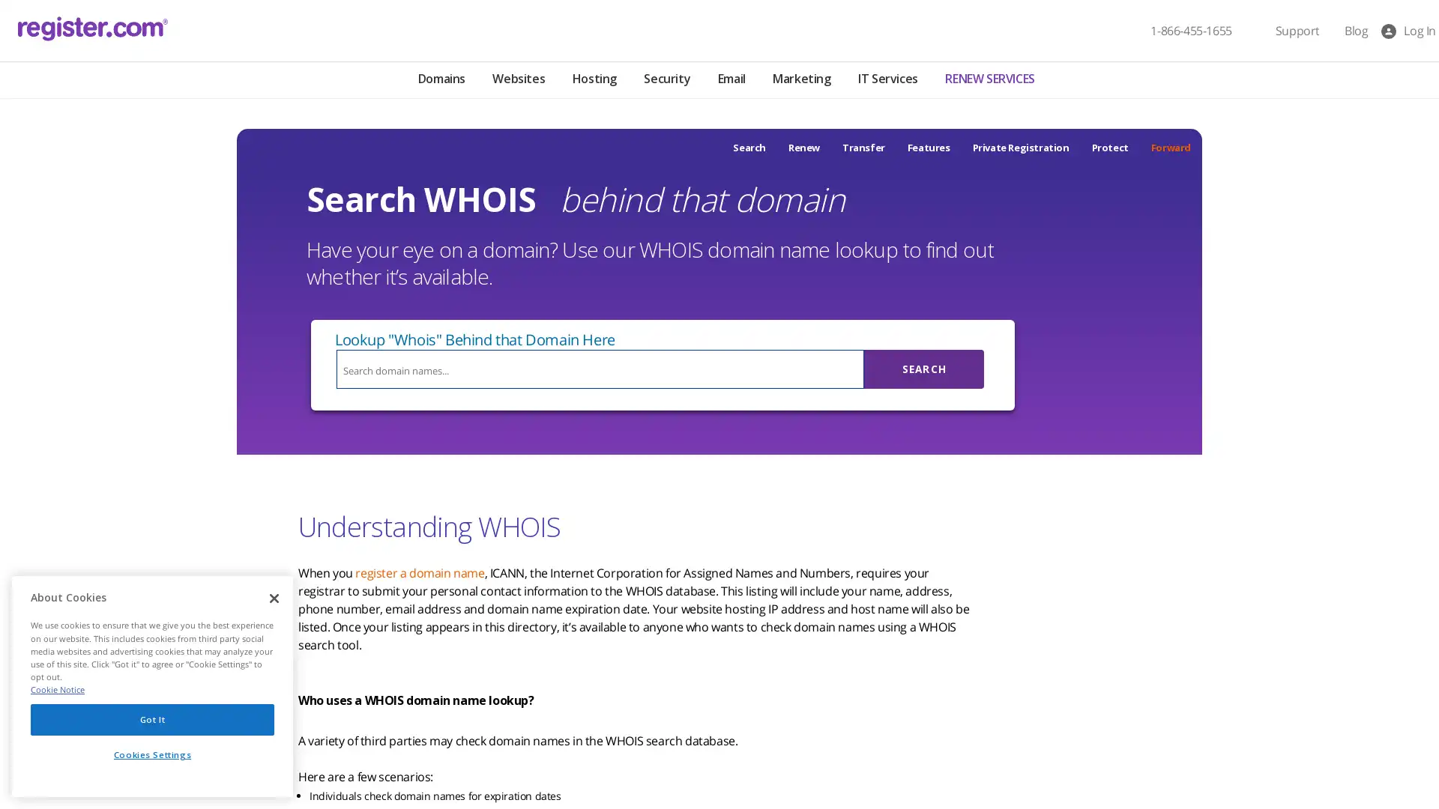 The height and width of the screenshot is (809, 1439). What do you see at coordinates (24, 733) in the screenshot?
I see `Explore your accessibility options` at bounding box center [24, 733].